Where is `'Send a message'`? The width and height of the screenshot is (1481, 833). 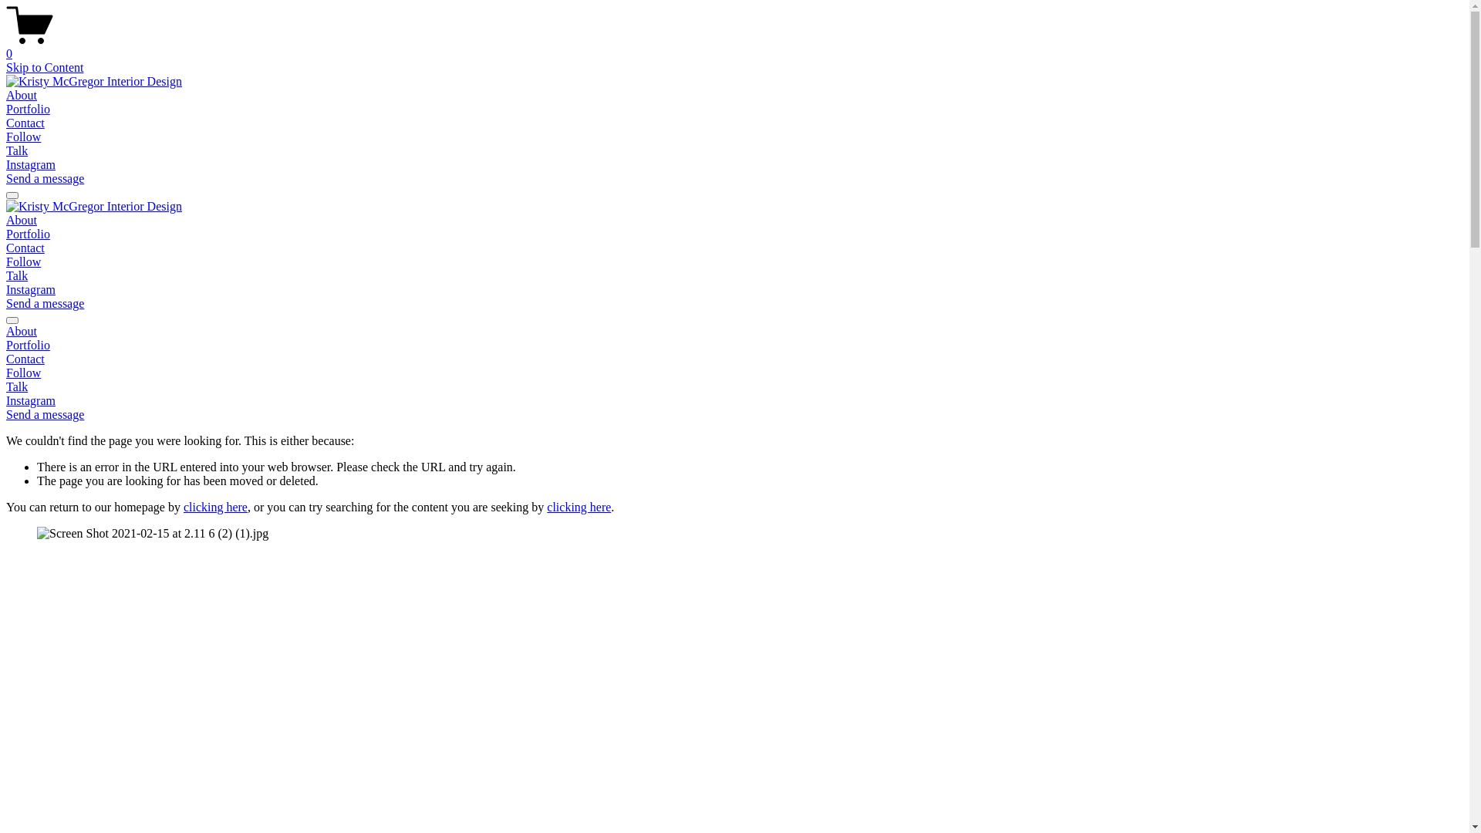
'Send a message' is located at coordinates (6, 303).